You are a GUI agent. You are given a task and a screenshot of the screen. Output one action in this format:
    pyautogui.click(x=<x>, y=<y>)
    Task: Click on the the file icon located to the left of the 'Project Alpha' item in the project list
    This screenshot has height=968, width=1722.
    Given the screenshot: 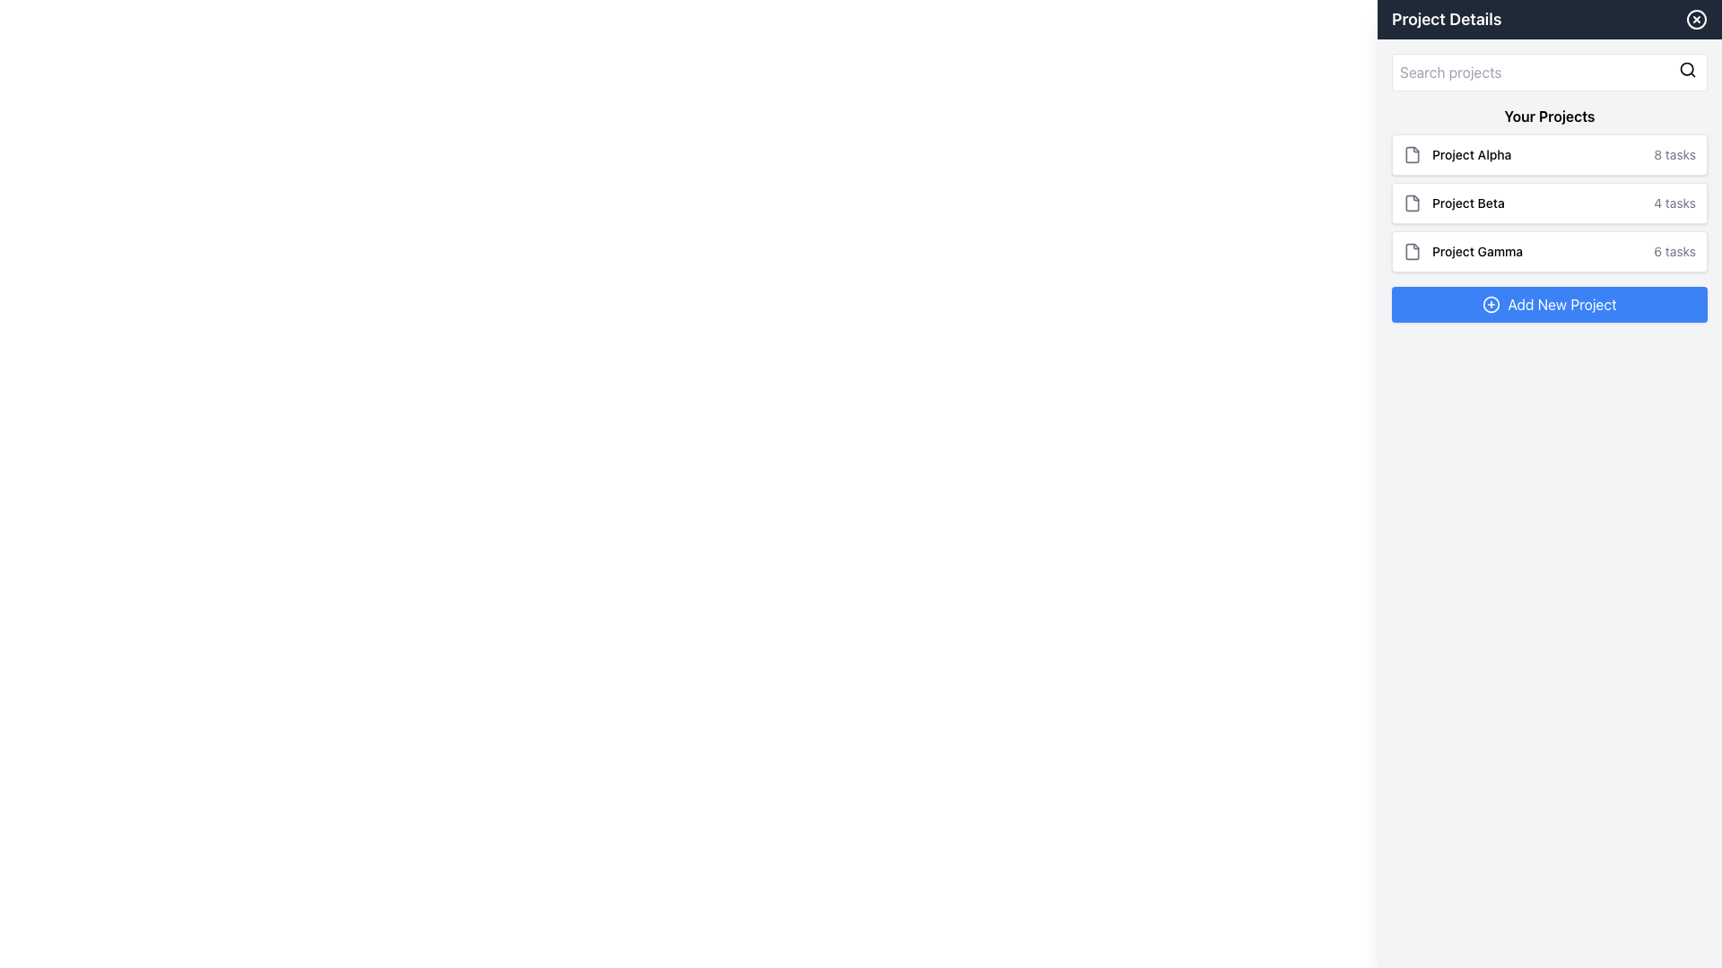 What is the action you would take?
    pyautogui.click(x=1411, y=154)
    